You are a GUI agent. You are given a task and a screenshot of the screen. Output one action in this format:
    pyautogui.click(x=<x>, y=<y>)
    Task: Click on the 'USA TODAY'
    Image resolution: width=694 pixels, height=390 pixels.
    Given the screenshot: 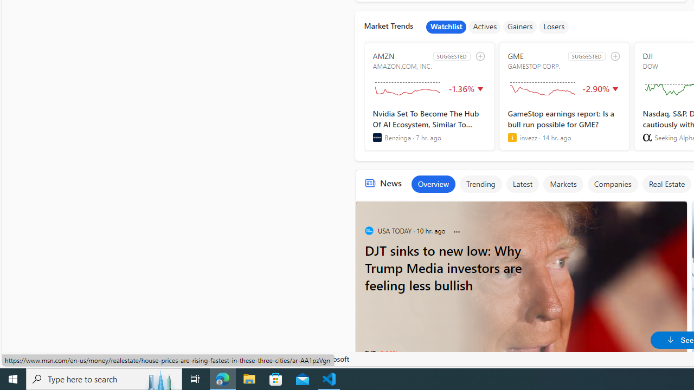 What is the action you would take?
    pyautogui.click(x=369, y=230)
    